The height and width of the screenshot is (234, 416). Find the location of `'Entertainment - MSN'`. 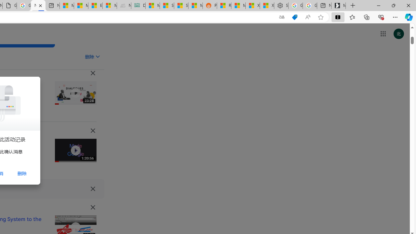

'Entertainment - MSN' is located at coordinates (95, 6).